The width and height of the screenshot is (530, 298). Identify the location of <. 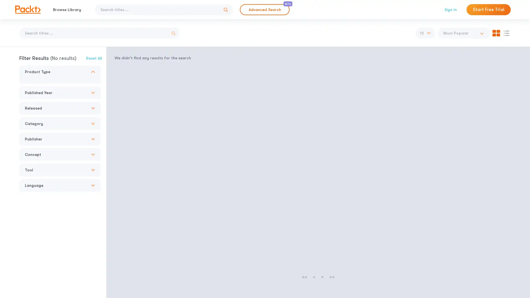
(314, 277).